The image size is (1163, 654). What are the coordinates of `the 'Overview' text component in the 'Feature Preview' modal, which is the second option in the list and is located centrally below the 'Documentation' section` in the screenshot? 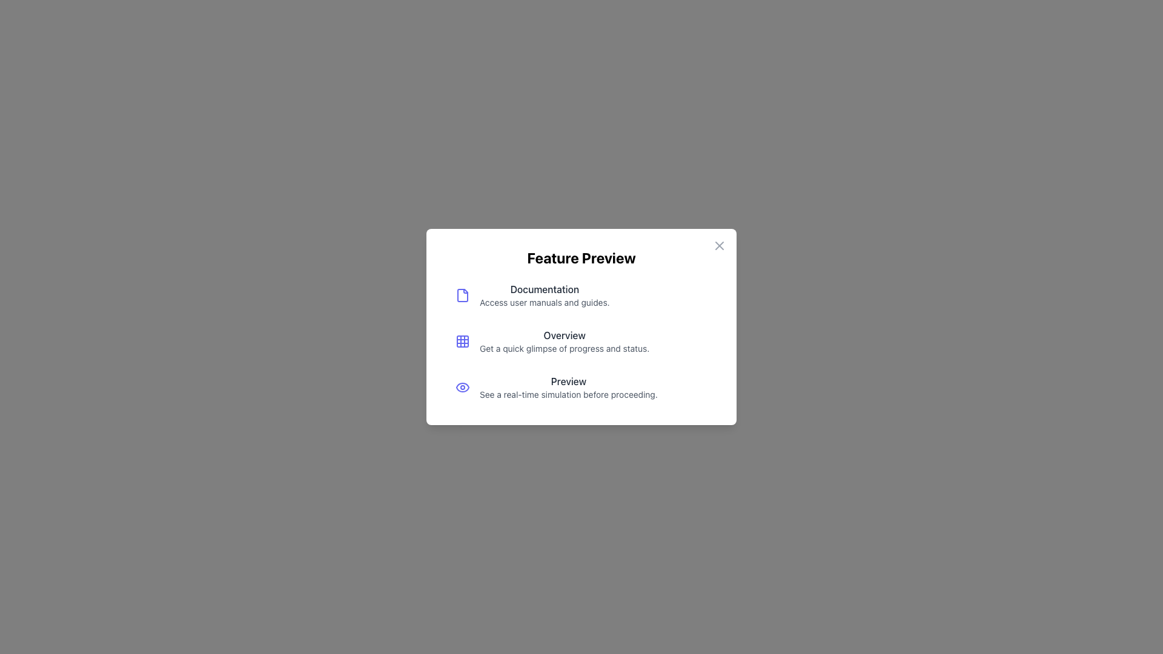 It's located at (564, 341).